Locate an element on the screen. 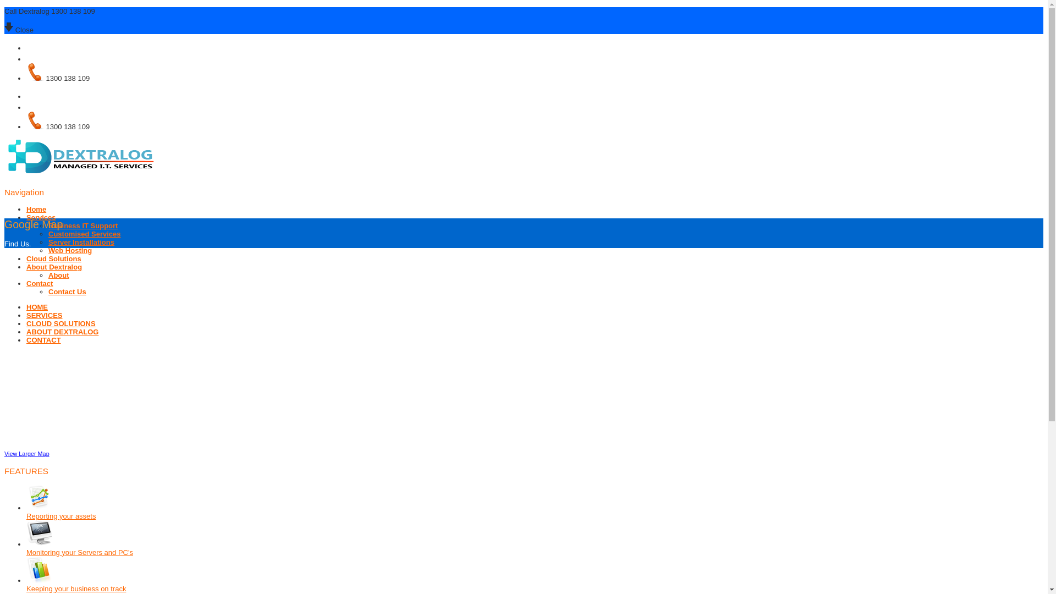  'HOME' is located at coordinates (37, 307).